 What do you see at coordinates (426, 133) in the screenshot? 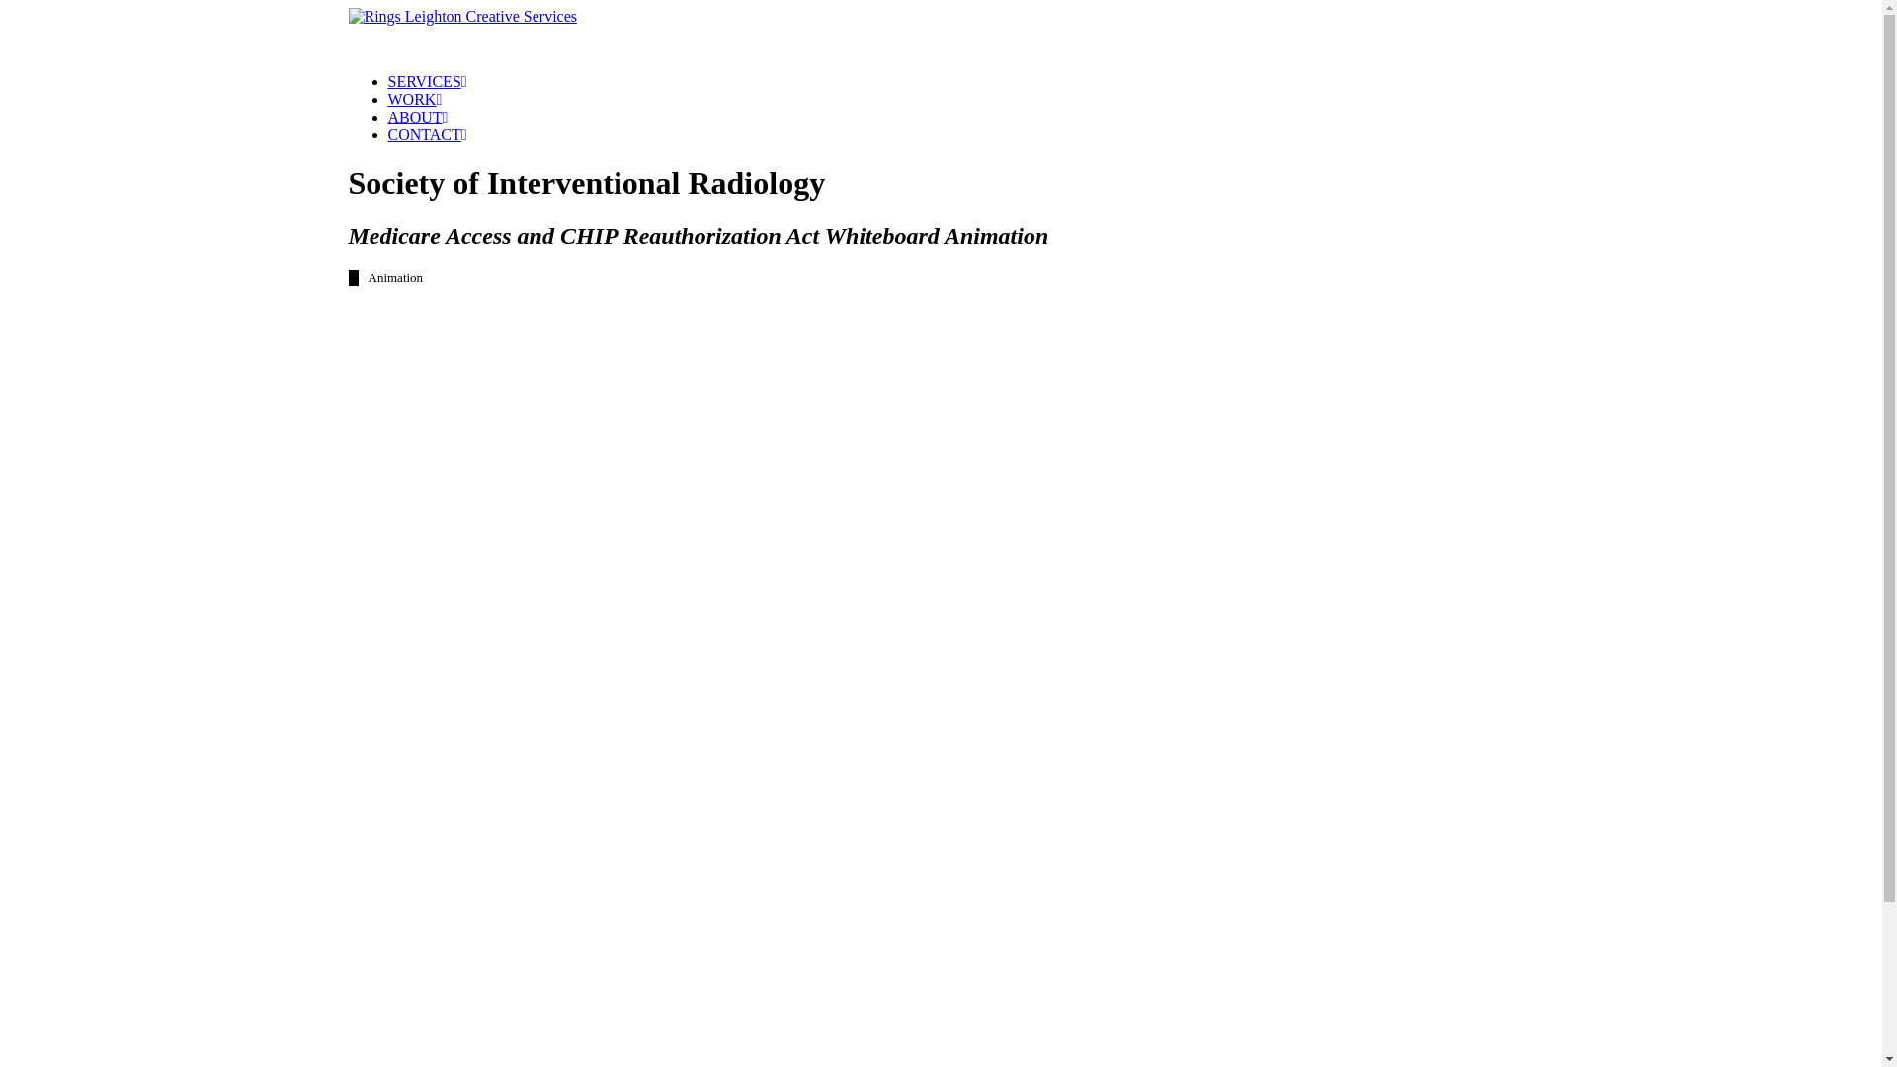
I see `'CONTACT'` at bounding box center [426, 133].